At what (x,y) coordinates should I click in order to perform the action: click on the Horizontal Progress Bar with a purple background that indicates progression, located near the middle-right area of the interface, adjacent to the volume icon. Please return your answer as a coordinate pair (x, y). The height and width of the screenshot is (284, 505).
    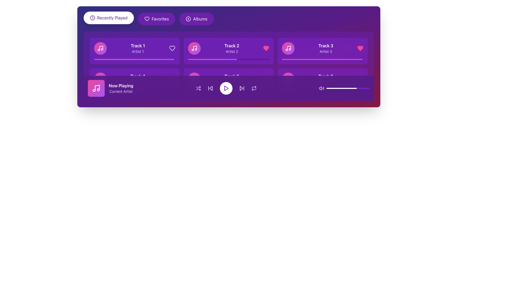
    Looking at the image, I should click on (348, 88).